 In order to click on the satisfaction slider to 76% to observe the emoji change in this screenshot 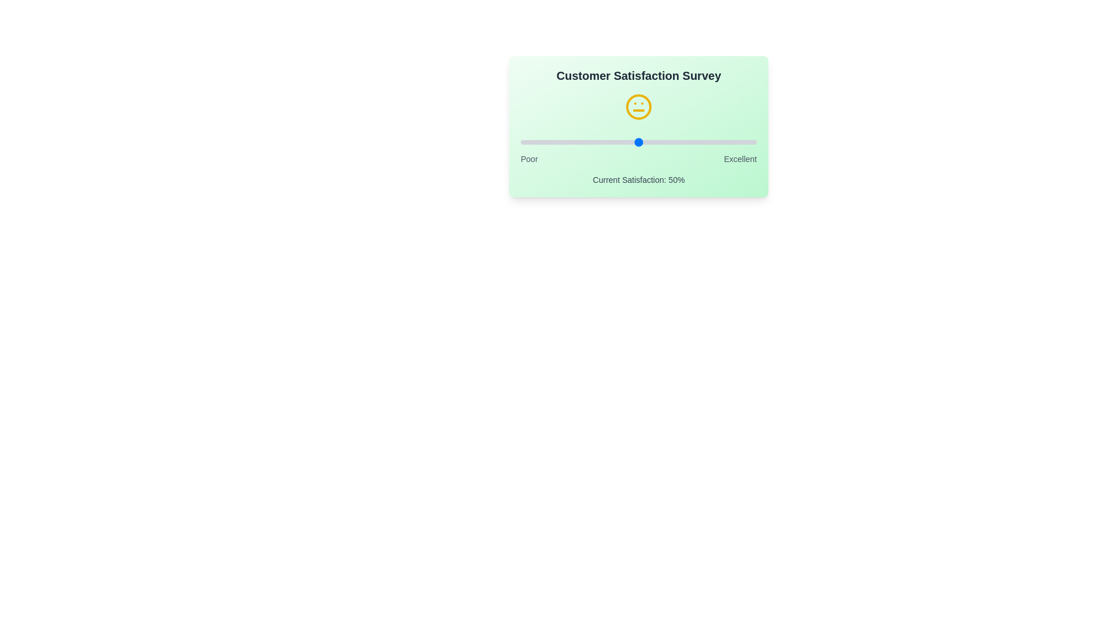, I will do `click(699, 142)`.